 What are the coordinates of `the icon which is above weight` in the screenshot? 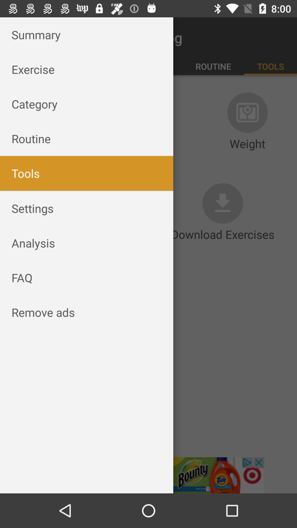 It's located at (247, 112).